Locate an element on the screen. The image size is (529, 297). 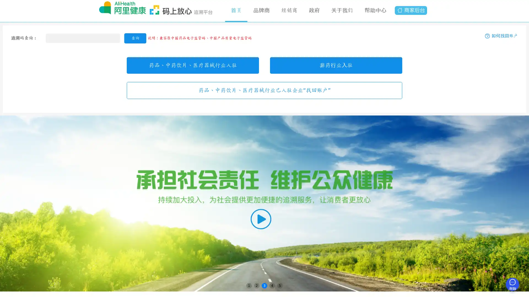
Go to slide 3 is located at coordinates (264, 285).